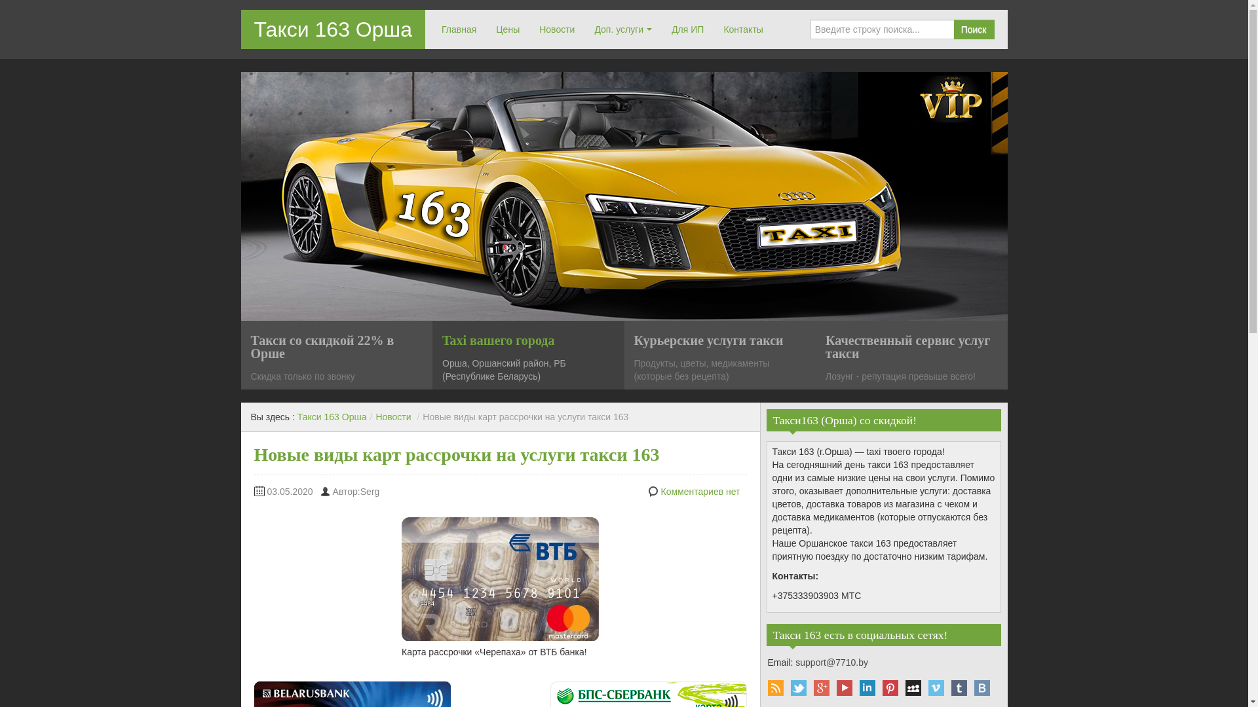 The height and width of the screenshot is (707, 1258). What do you see at coordinates (831, 662) in the screenshot?
I see `'support@7710.by'` at bounding box center [831, 662].